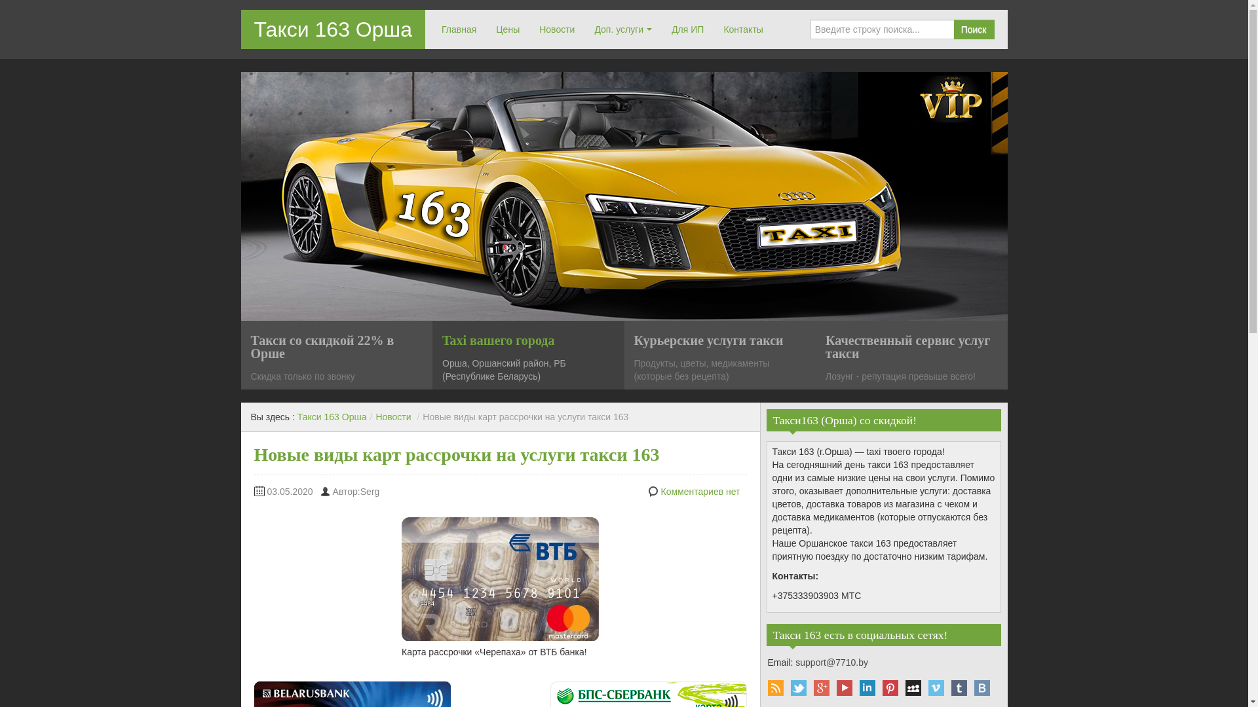 The height and width of the screenshot is (707, 1258). What do you see at coordinates (831, 662) in the screenshot?
I see `'support@7710.by'` at bounding box center [831, 662].